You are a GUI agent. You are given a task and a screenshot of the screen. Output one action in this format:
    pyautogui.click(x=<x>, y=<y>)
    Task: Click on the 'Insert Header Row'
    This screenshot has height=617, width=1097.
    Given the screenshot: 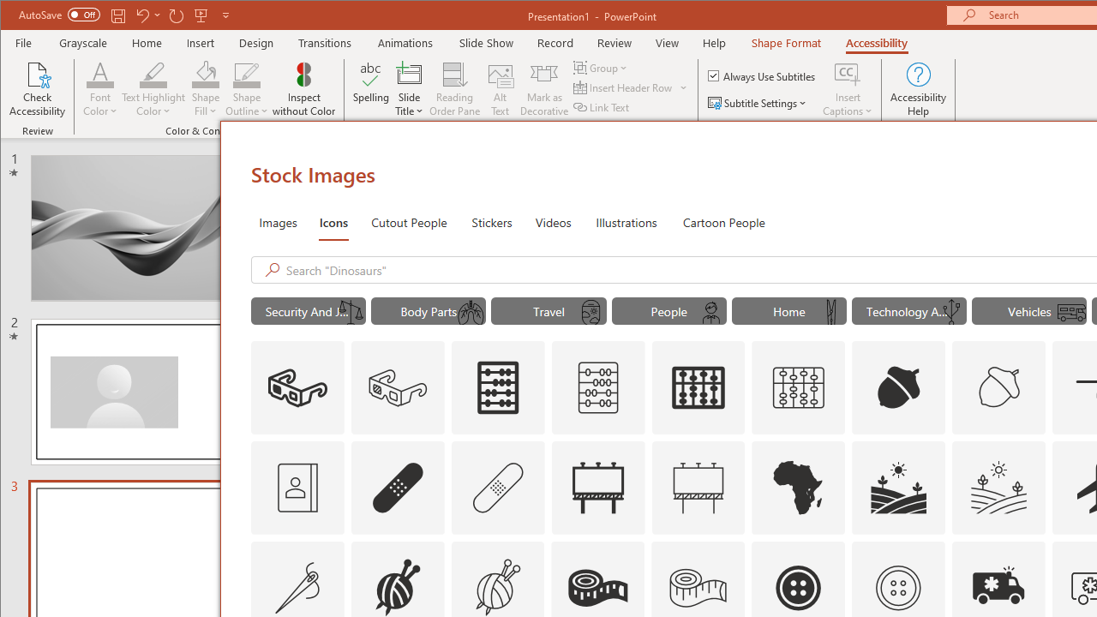 What is the action you would take?
    pyautogui.click(x=623, y=87)
    